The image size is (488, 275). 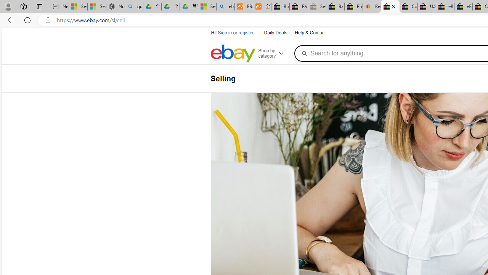 What do you see at coordinates (310, 32) in the screenshot?
I see `'Help & Contact'` at bounding box center [310, 32].